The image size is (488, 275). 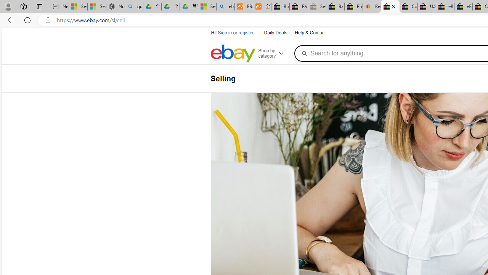 What do you see at coordinates (310, 32) in the screenshot?
I see `'Help & Contact'` at bounding box center [310, 32].